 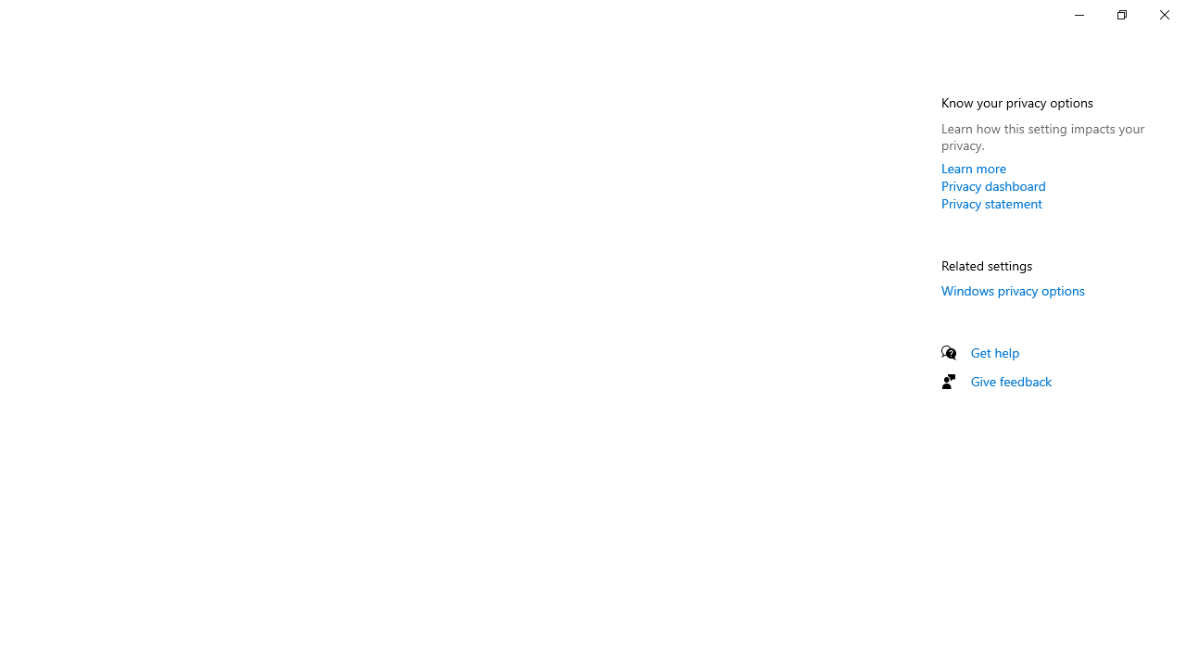 What do you see at coordinates (1079, 14) in the screenshot?
I see `'Minimize Settings'` at bounding box center [1079, 14].